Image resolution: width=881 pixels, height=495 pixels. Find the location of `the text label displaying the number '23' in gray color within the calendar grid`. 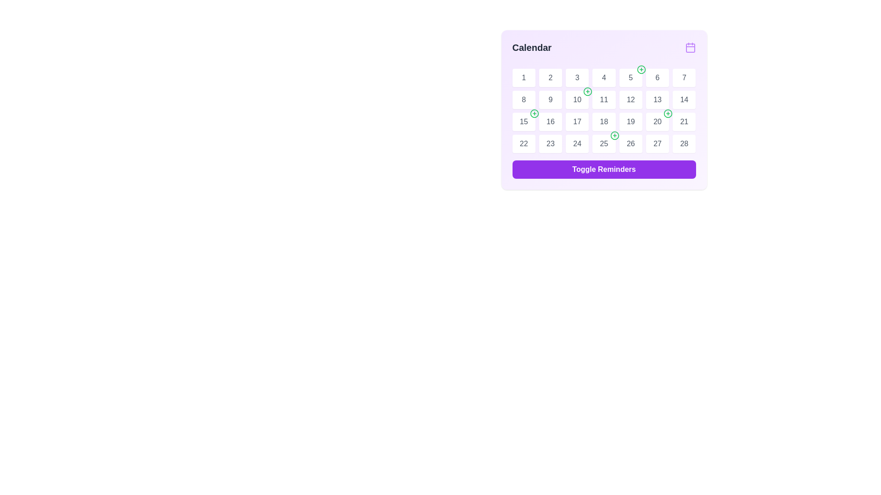

the text label displaying the number '23' in gray color within the calendar grid is located at coordinates (551, 143).